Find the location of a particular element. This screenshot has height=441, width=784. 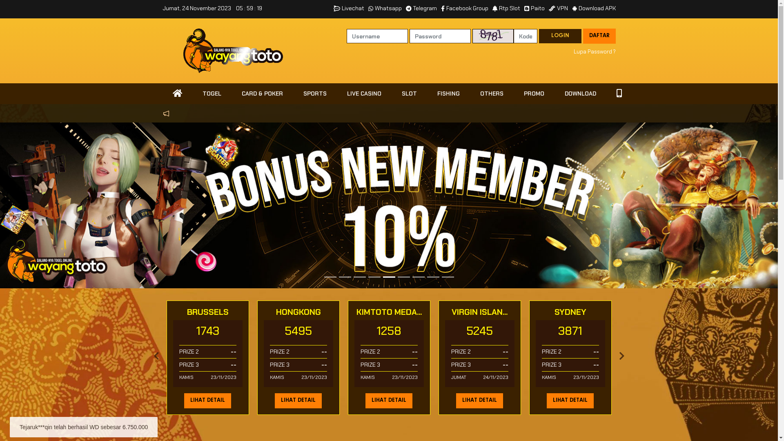

'CARD & POKER' is located at coordinates (262, 93).